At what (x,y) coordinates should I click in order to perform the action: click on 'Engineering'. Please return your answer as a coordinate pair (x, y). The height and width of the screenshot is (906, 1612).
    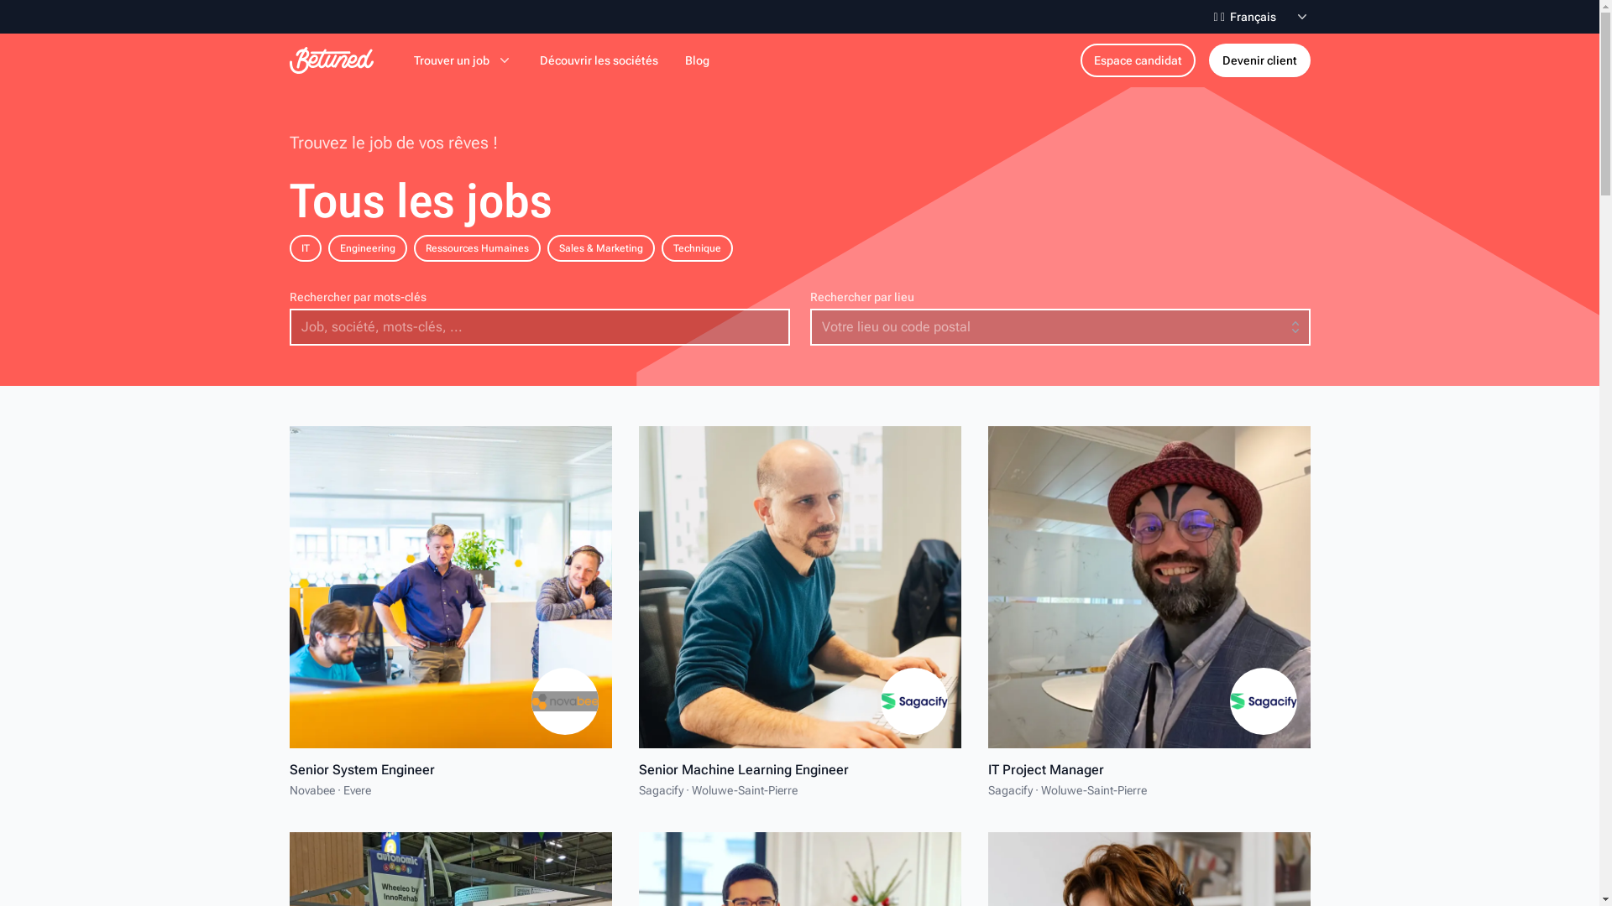
    Looking at the image, I should click on (365, 248).